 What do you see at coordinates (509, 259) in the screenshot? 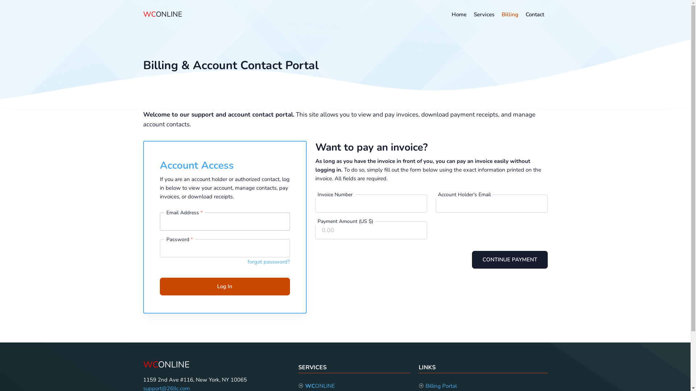
I see `'CONTINUE PAYMENT'` at bounding box center [509, 259].